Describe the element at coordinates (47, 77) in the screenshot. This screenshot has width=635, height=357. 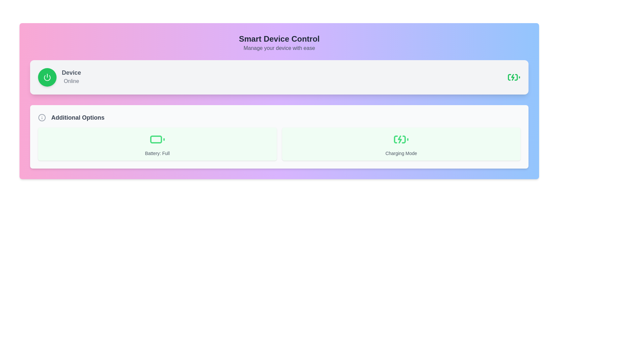
I see `the power button icon located to the left of the 'Device' and 'Online' text in the first section labeled 'Device' to gather visual information about its status` at that location.